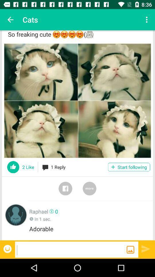 The width and height of the screenshot is (155, 277). What do you see at coordinates (10, 20) in the screenshot?
I see `item to the left of cats item` at bounding box center [10, 20].